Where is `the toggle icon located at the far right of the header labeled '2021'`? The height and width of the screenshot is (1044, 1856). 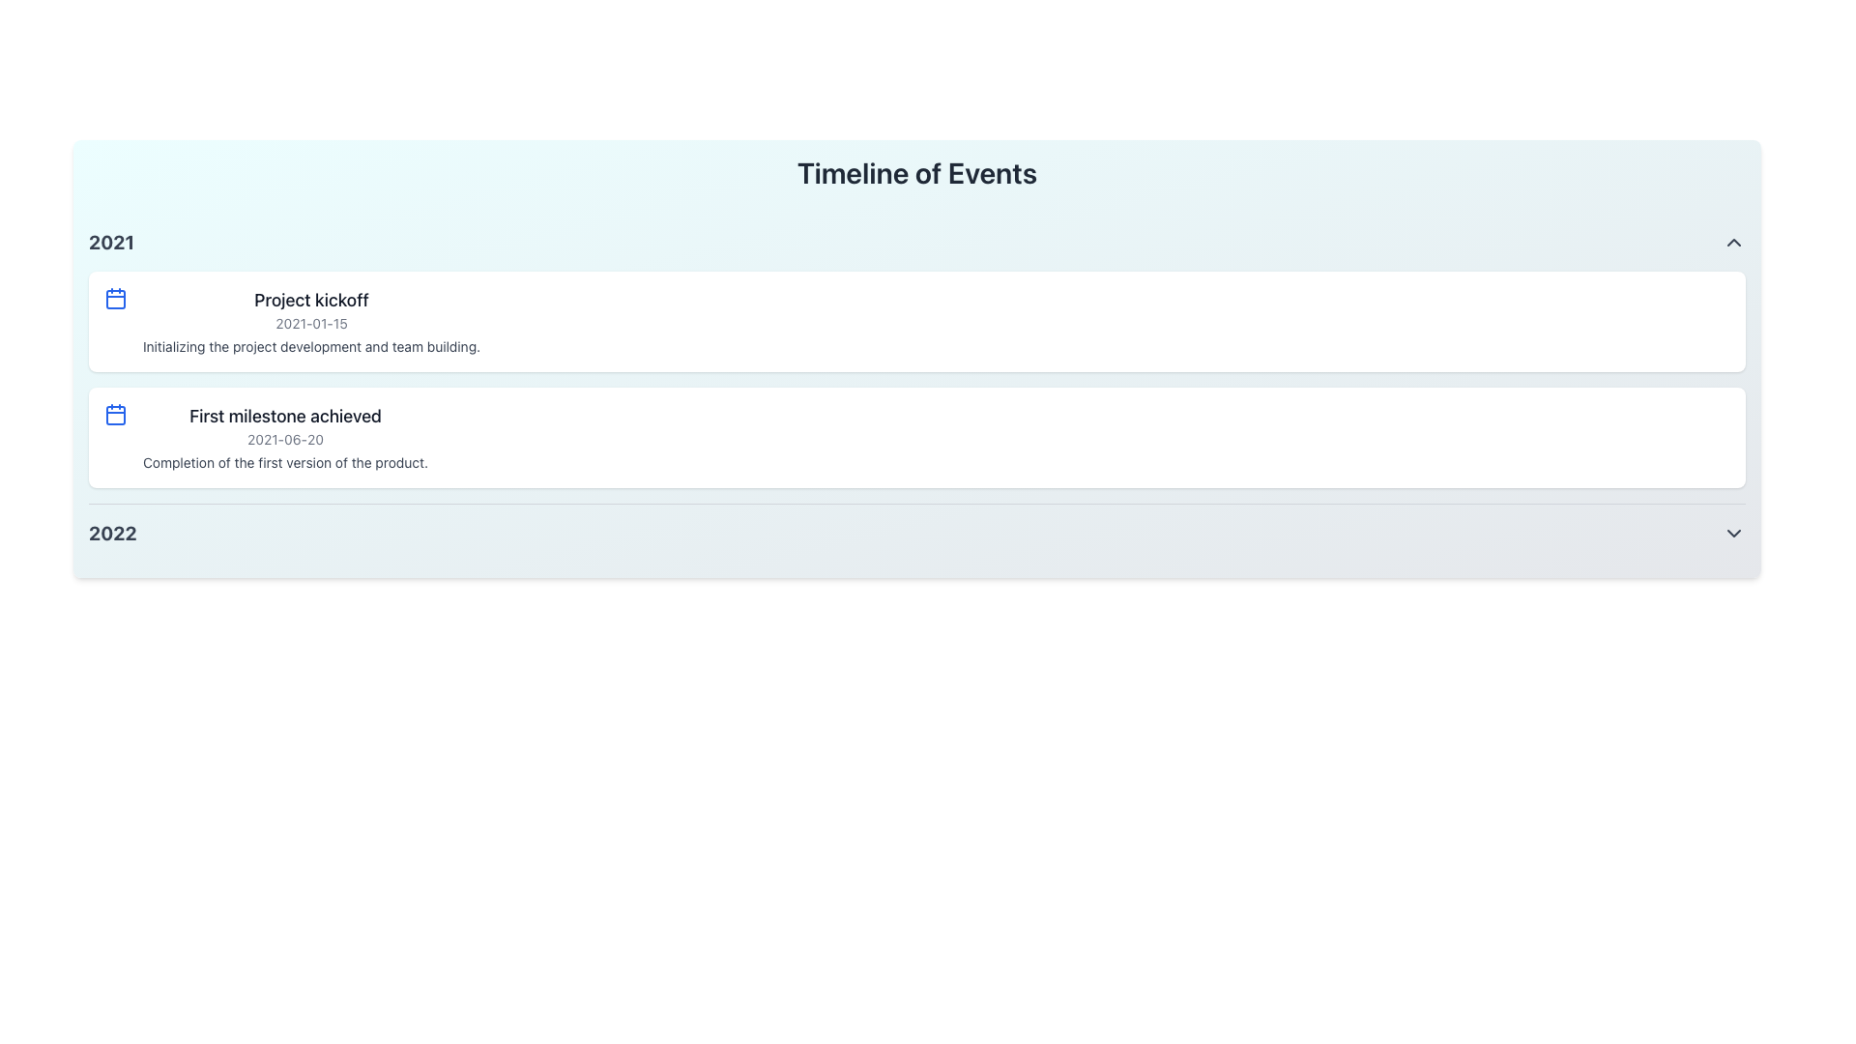 the toggle icon located at the far right of the header labeled '2021' is located at coordinates (1734, 241).